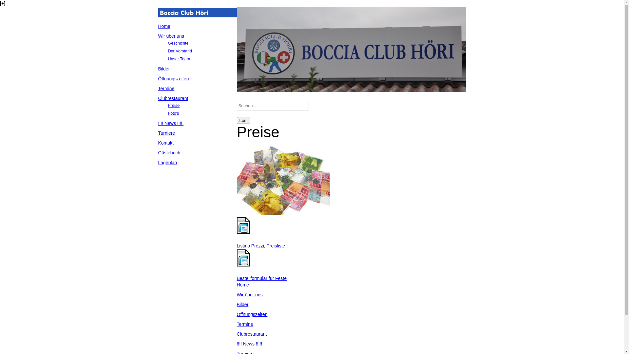 The width and height of the screenshot is (629, 354). I want to click on 'Listino Prezzi, Preisliste', so click(260, 246).